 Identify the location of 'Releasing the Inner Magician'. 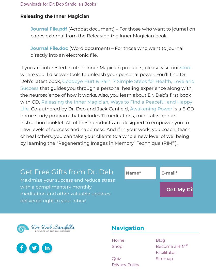
(55, 16).